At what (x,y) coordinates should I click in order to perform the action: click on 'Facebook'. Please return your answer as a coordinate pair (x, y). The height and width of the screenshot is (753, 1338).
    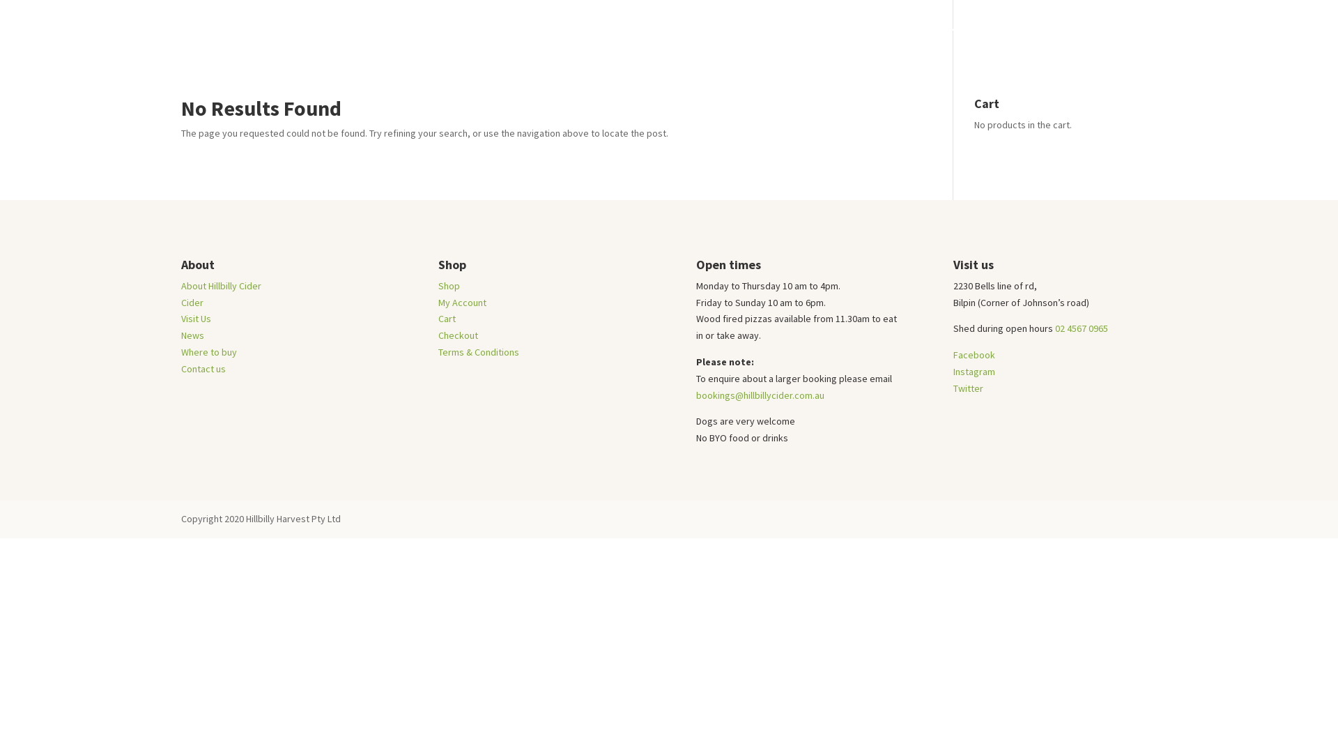
    Looking at the image, I should click on (973, 354).